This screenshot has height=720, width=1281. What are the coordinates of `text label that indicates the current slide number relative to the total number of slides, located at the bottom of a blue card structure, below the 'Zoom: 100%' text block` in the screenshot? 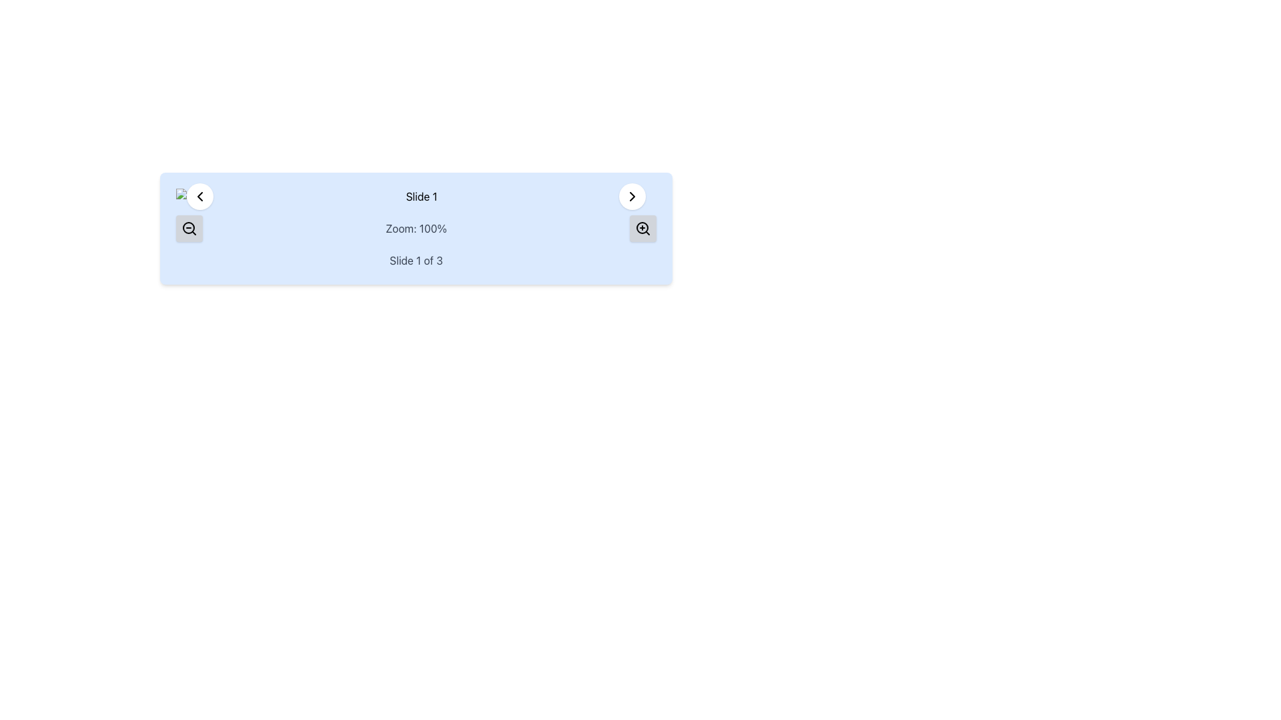 It's located at (416, 260).